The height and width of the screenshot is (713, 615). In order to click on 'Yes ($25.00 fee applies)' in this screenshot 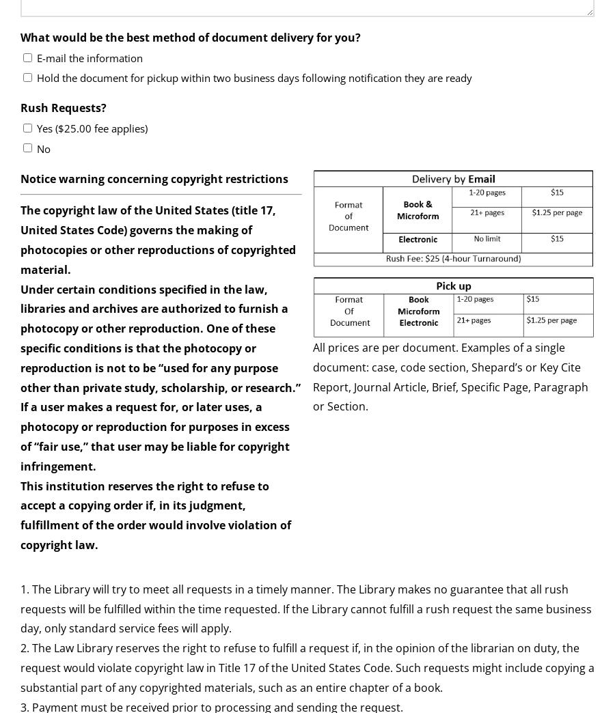, I will do `click(92, 128)`.